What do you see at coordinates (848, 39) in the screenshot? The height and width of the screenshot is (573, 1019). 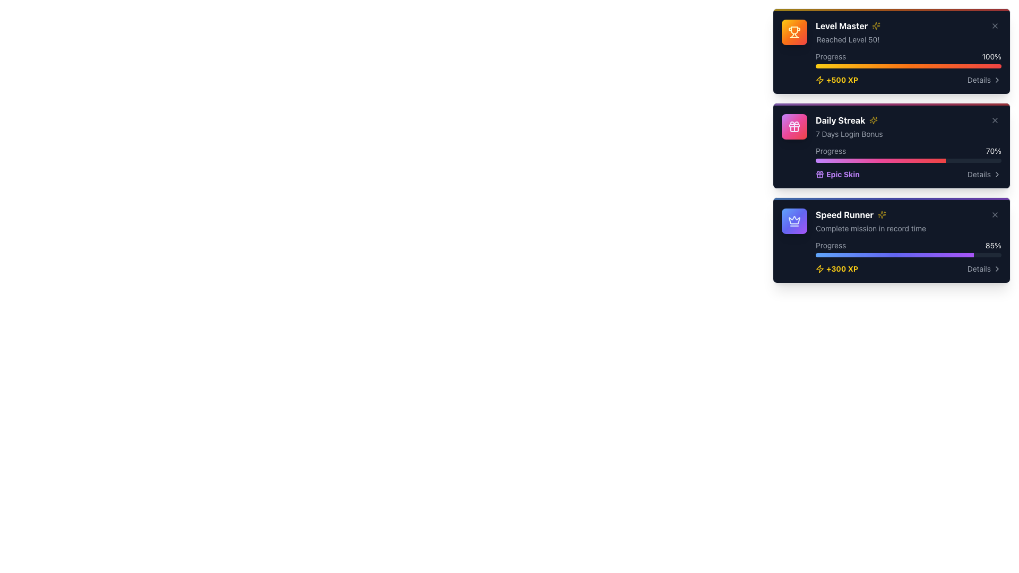 I see `the text label displaying 'Reached Level 50!' which is located under the title 'Level Master' in the top card of the vertical stack on the right side of the interface` at bounding box center [848, 39].